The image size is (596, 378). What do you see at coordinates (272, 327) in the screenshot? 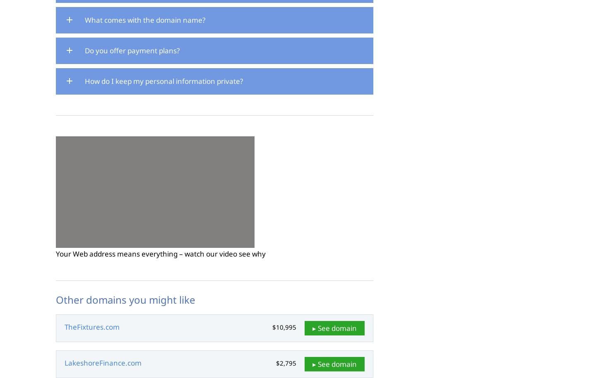
I see `'$10,995'` at bounding box center [272, 327].